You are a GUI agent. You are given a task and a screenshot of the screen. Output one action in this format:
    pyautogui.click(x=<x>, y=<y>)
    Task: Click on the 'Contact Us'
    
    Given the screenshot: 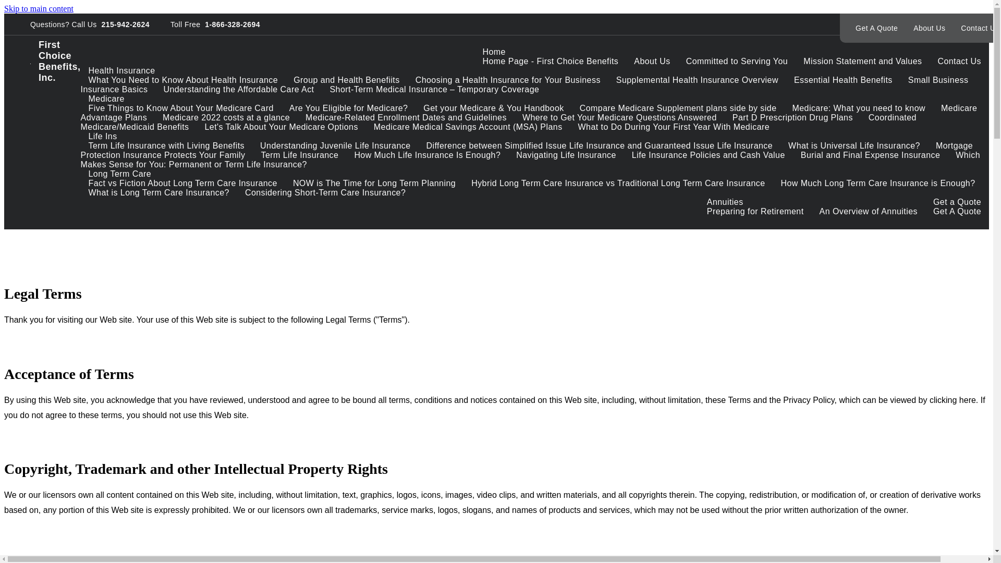 What is the action you would take?
    pyautogui.click(x=959, y=61)
    